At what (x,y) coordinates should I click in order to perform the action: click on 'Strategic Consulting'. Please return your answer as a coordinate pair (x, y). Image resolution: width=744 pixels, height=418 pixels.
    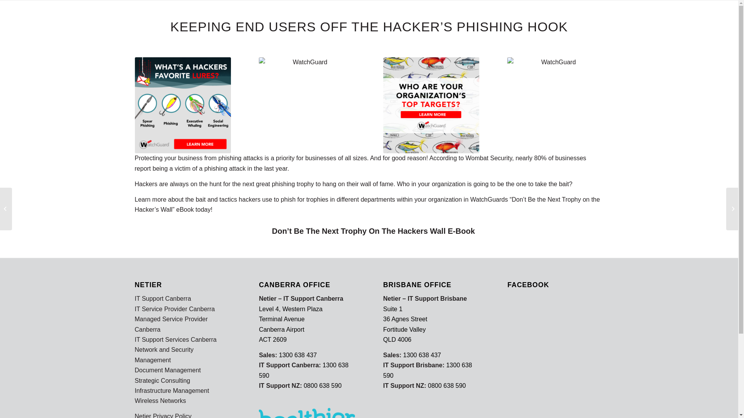
    Looking at the image, I should click on (162, 380).